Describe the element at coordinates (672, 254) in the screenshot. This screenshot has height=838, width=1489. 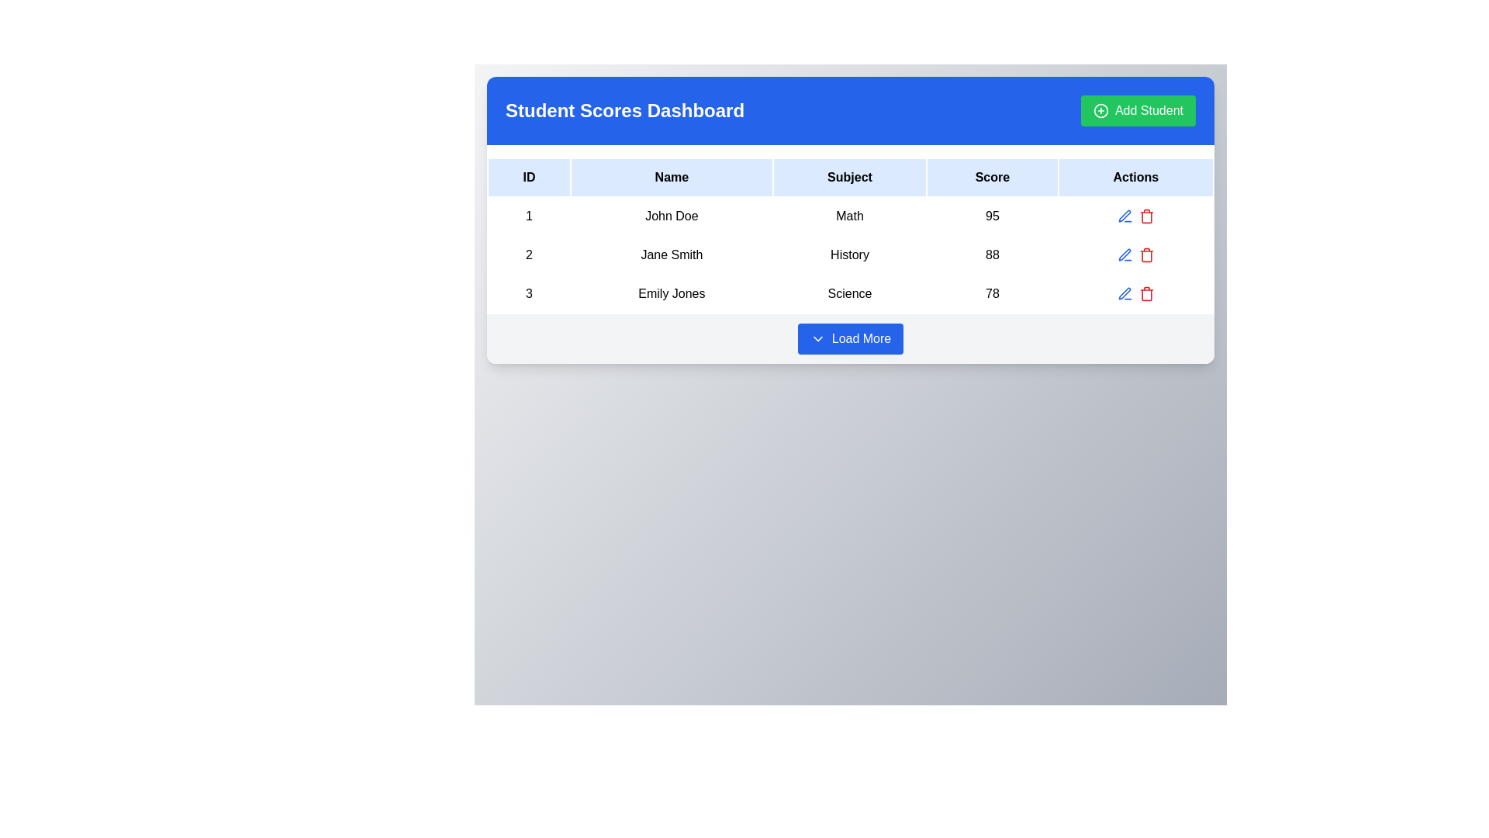
I see `the text label displaying 'Jane Smith' in the second row and second column of the table within the dashboard interface` at that location.